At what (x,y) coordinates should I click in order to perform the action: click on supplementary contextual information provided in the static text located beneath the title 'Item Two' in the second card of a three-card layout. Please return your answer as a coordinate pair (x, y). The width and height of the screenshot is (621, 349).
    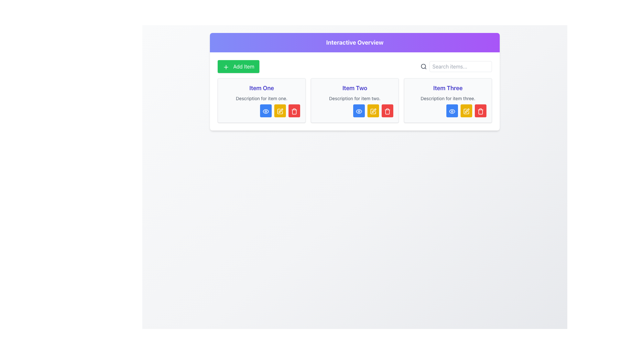
    Looking at the image, I should click on (354, 98).